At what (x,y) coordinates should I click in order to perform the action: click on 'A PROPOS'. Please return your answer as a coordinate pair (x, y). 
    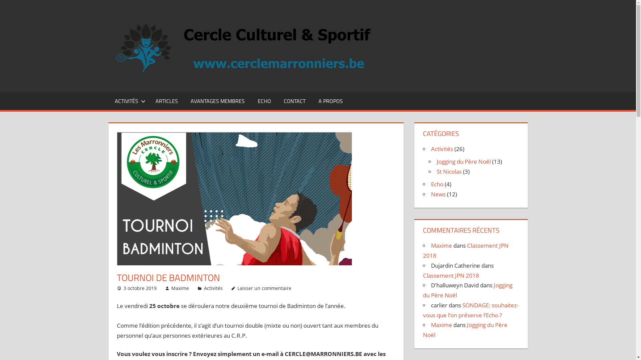
    Looking at the image, I should click on (330, 101).